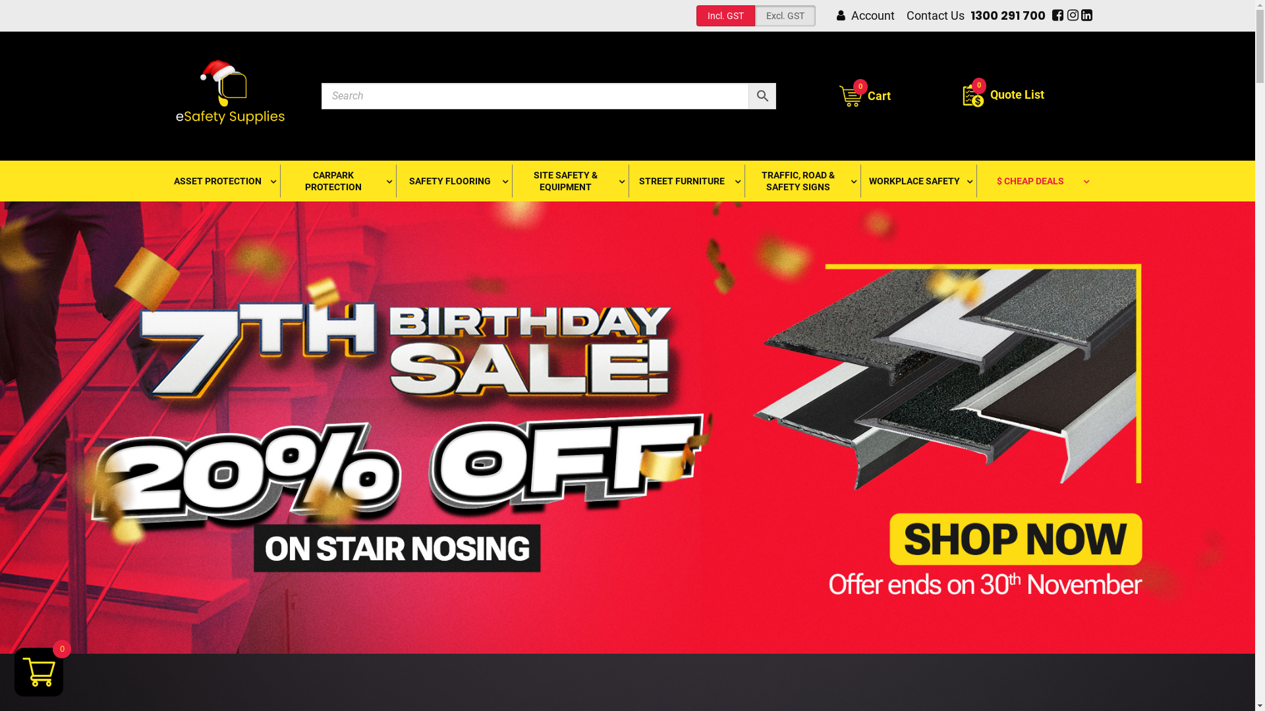 This screenshot has width=1265, height=711. Describe the element at coordinates (278, 180) in the screenshot. I see `'CARPARK PROTECTION'` at that location.